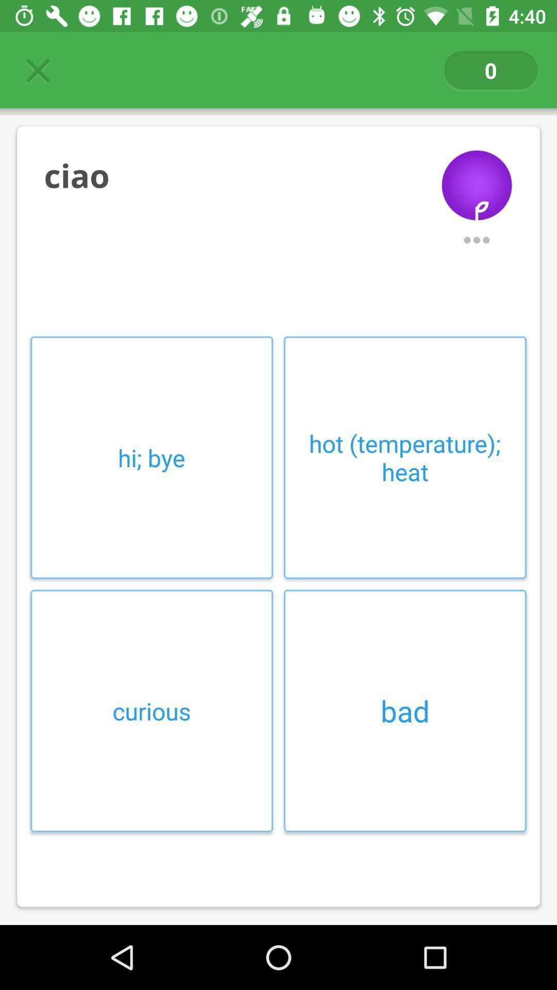 The height and width of the screenshot is (990, 557). Describe the element at coordinates (152, 710) in the screenshot. I see `curious` at that location.